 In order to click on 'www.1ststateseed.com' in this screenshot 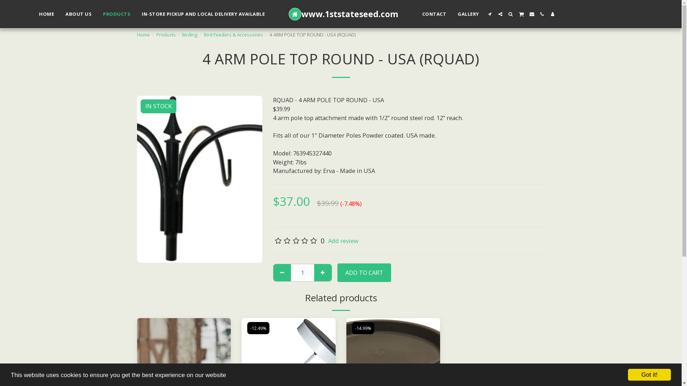, I will do `click(343, 14)`.